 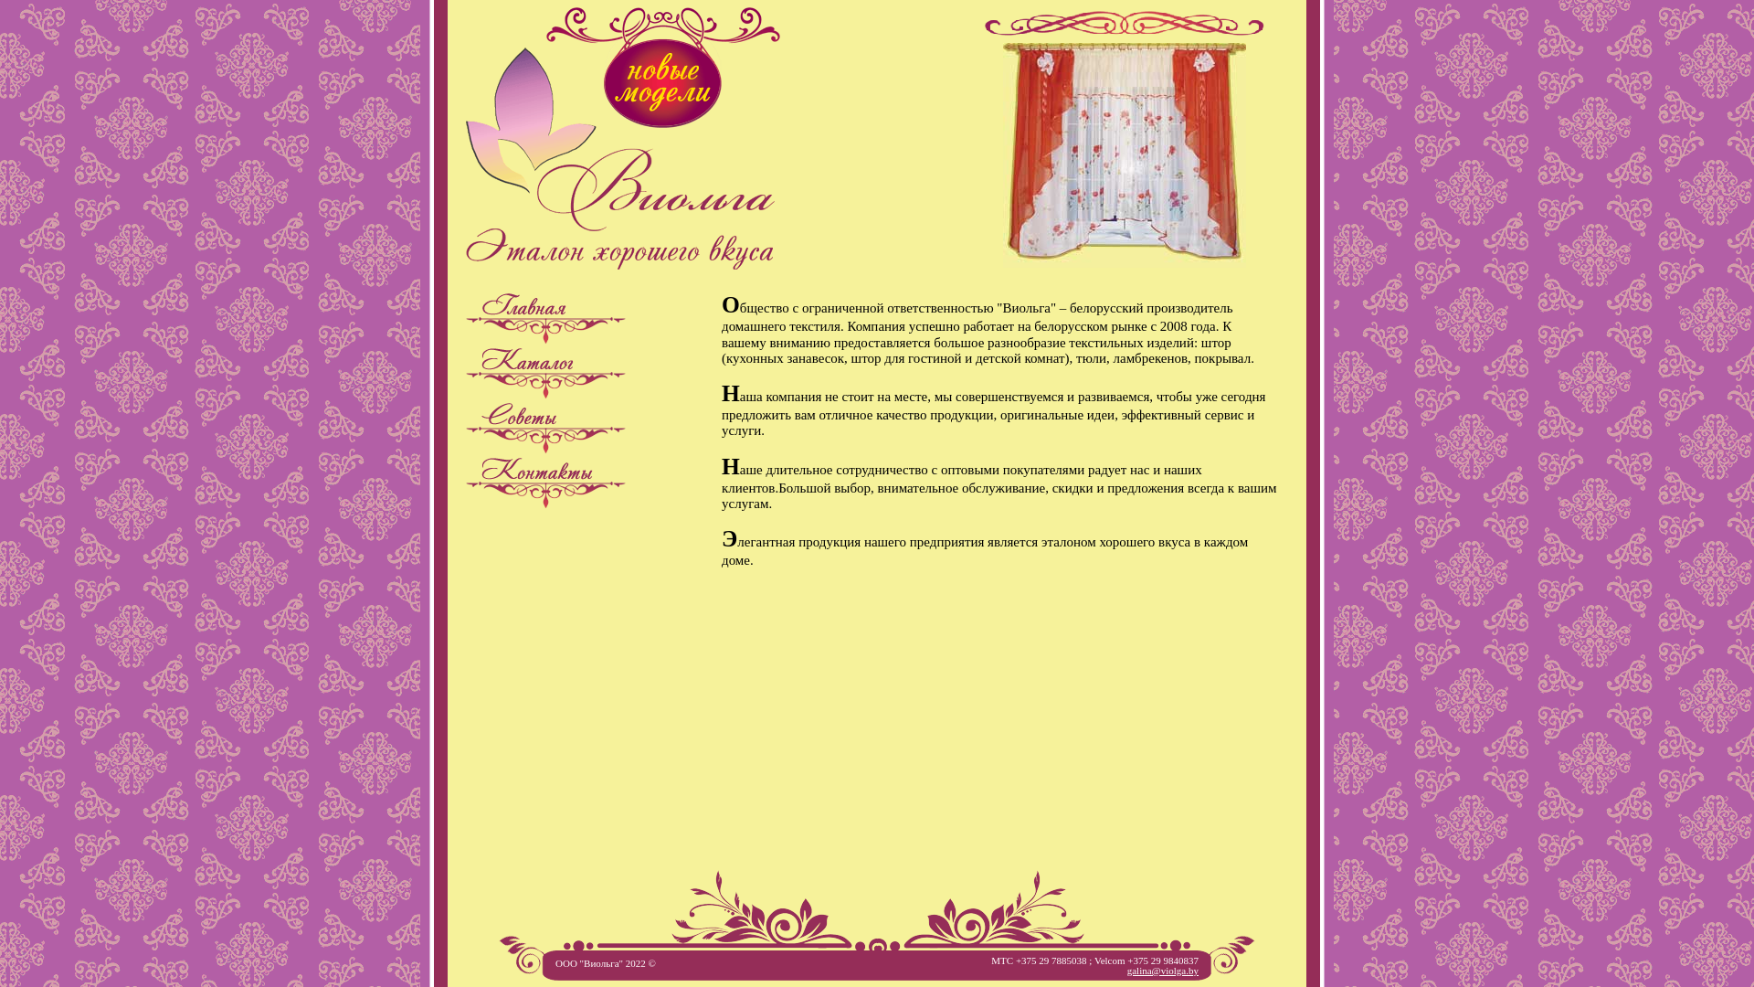 I want to click on 'galina@violga.by', so click(x=1161, y=969).